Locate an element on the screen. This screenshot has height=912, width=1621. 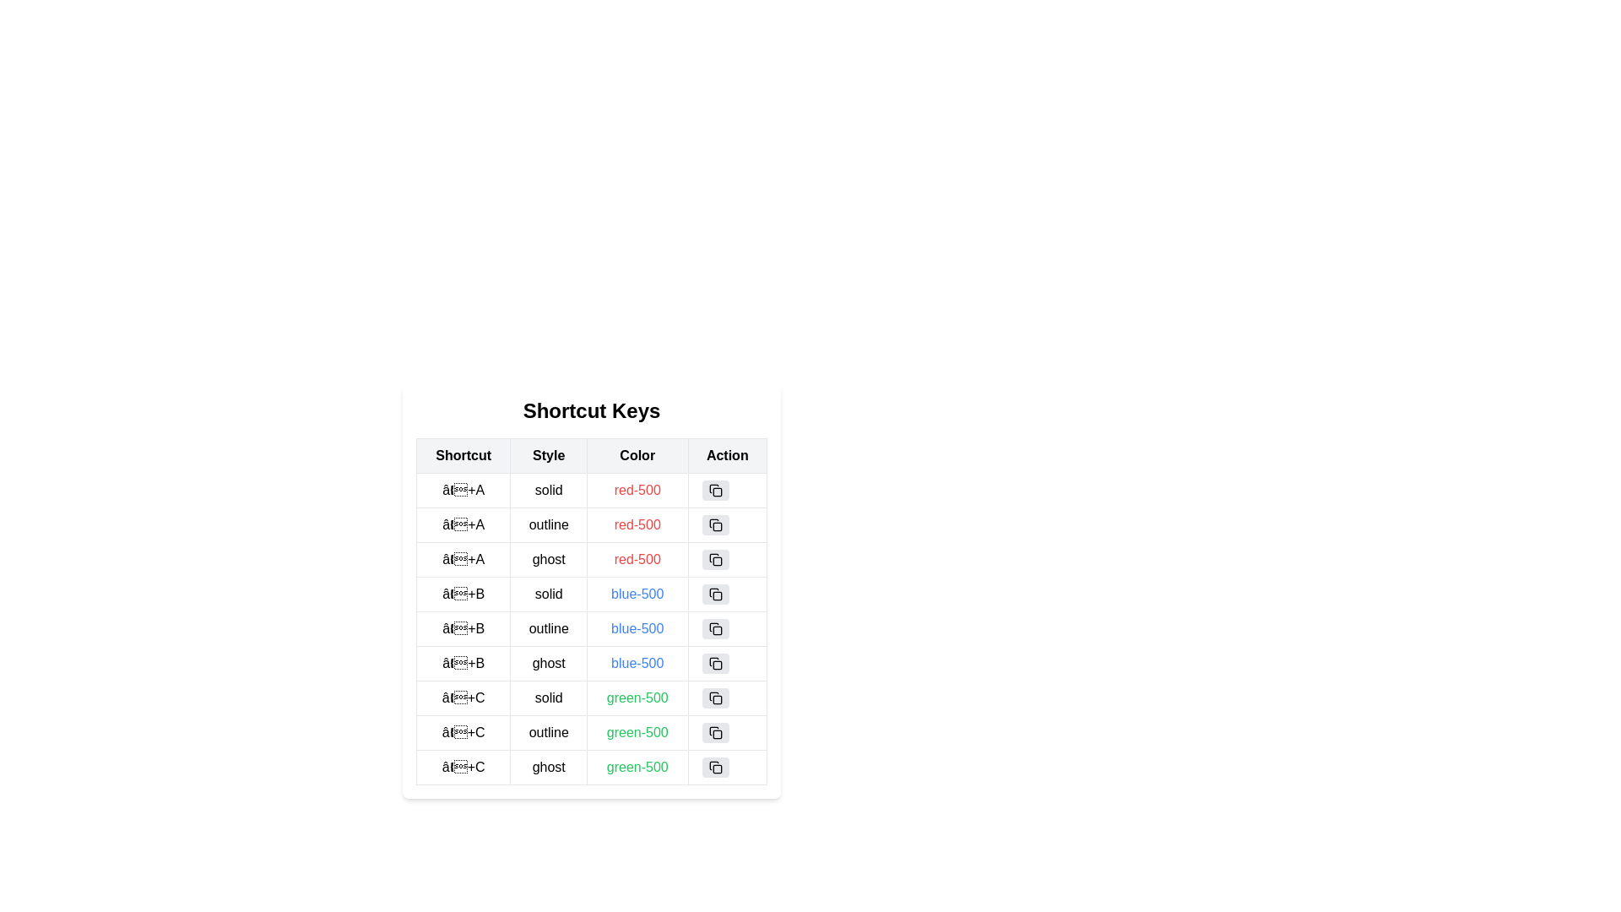
the copy icon in the 'Action' column of the second row, which is aligned with the 'outline' style and 'blue-500' color is located at coordinates (715, 628).